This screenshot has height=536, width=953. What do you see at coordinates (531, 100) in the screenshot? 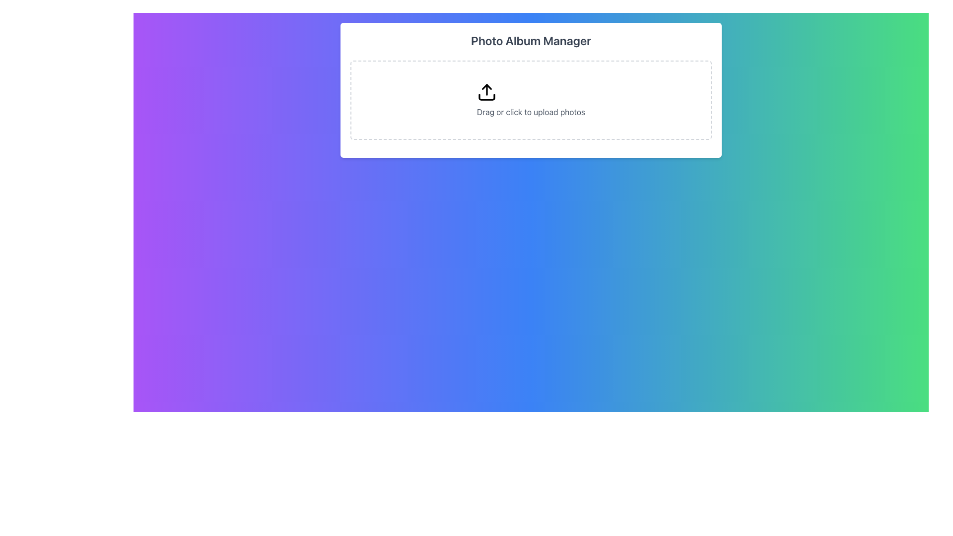
I see `files into the File upload area, which is a rectangular area with dashed gray borders and a white background, located below the 'Photo Album Manager' title` at bounding box center [531, 100].